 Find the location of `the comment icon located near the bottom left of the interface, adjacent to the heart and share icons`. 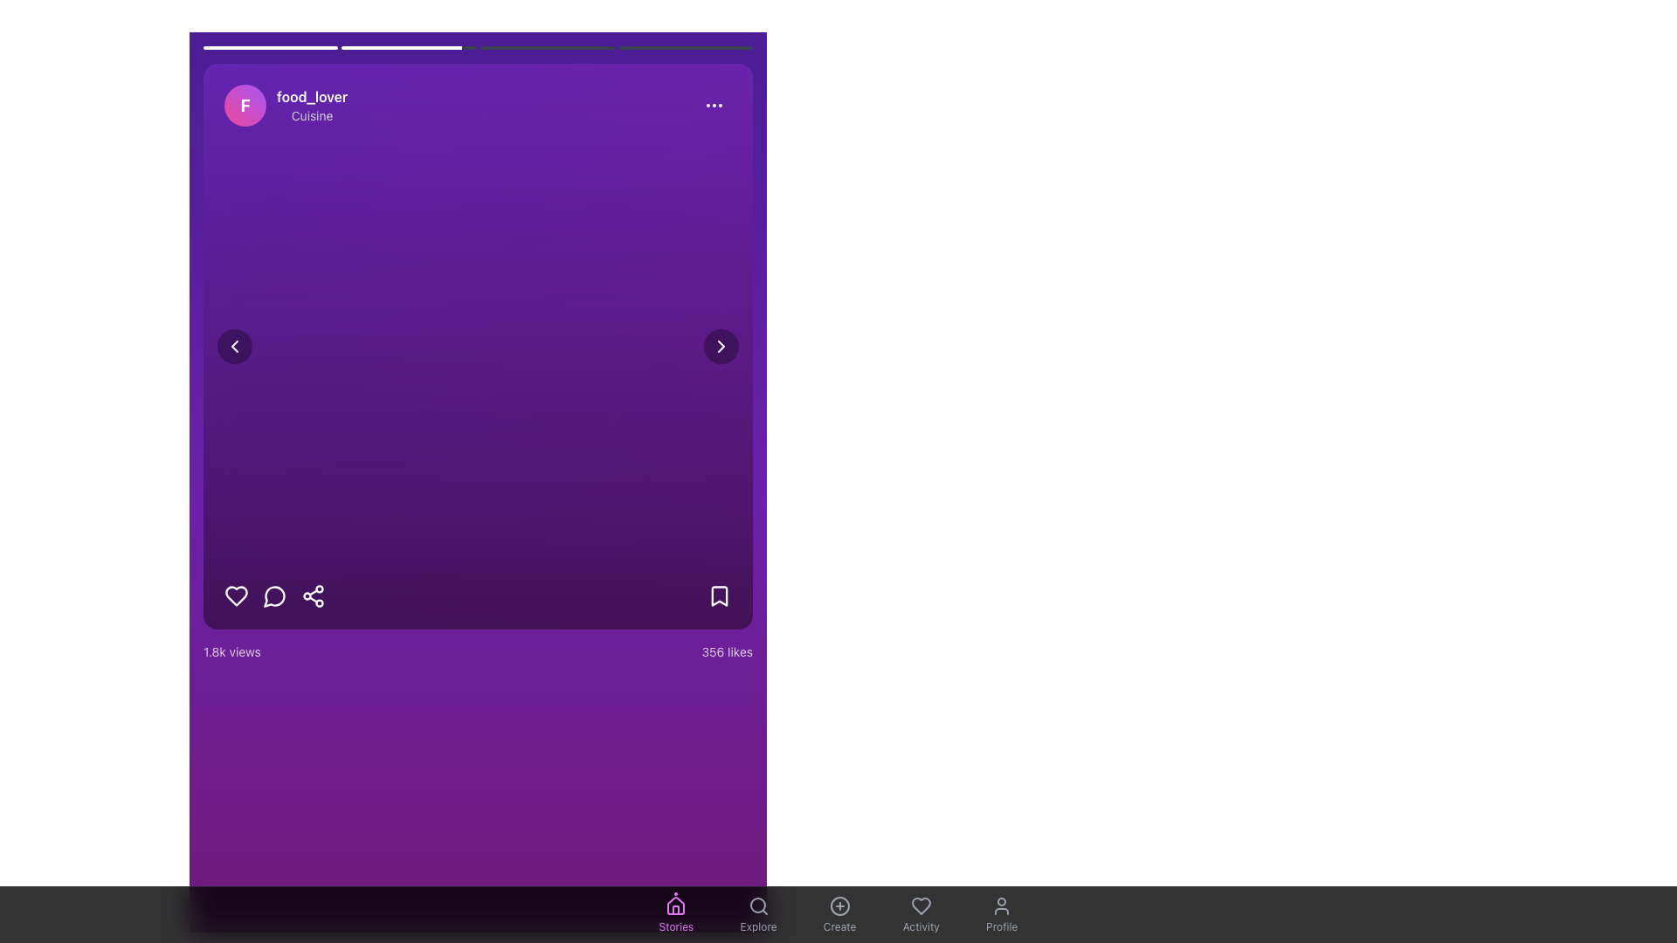

the comment icon located near the bottom left of the interface, adjacent to the heart and share icons is located at coordinates (273, 595).